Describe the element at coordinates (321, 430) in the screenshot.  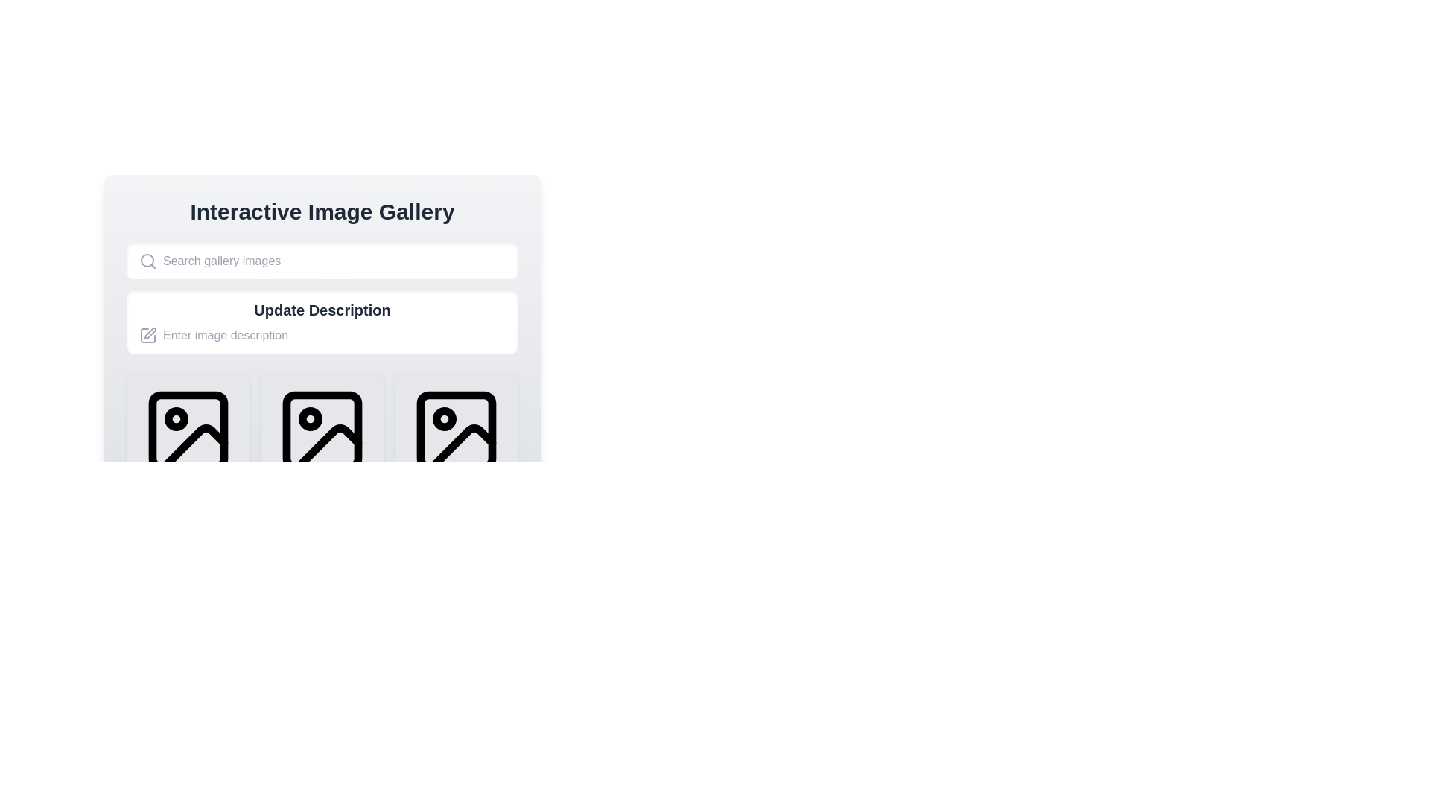
I see `the decorative shape located in the top-left corner of the icon, which is positioned in the middle of a horizontal row of three icons below the header and text input fields` at that location.